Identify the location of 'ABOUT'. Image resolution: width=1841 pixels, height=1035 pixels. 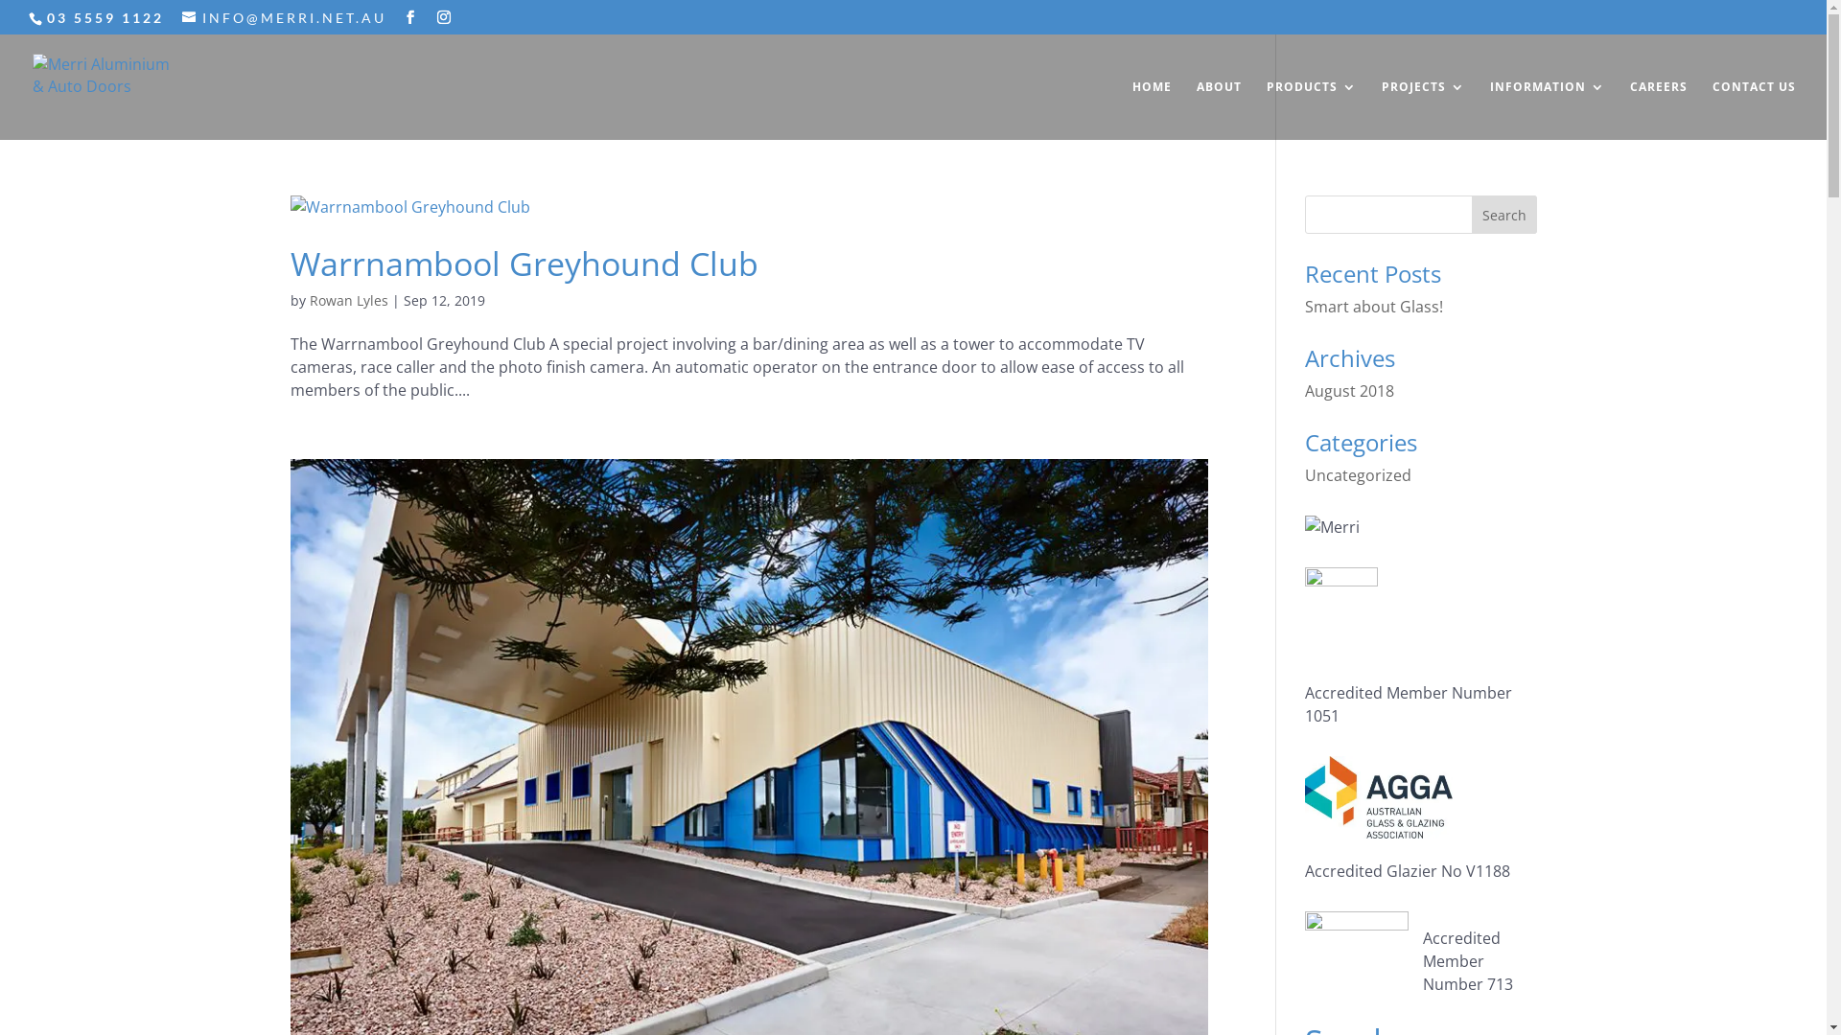
(1218, 110).